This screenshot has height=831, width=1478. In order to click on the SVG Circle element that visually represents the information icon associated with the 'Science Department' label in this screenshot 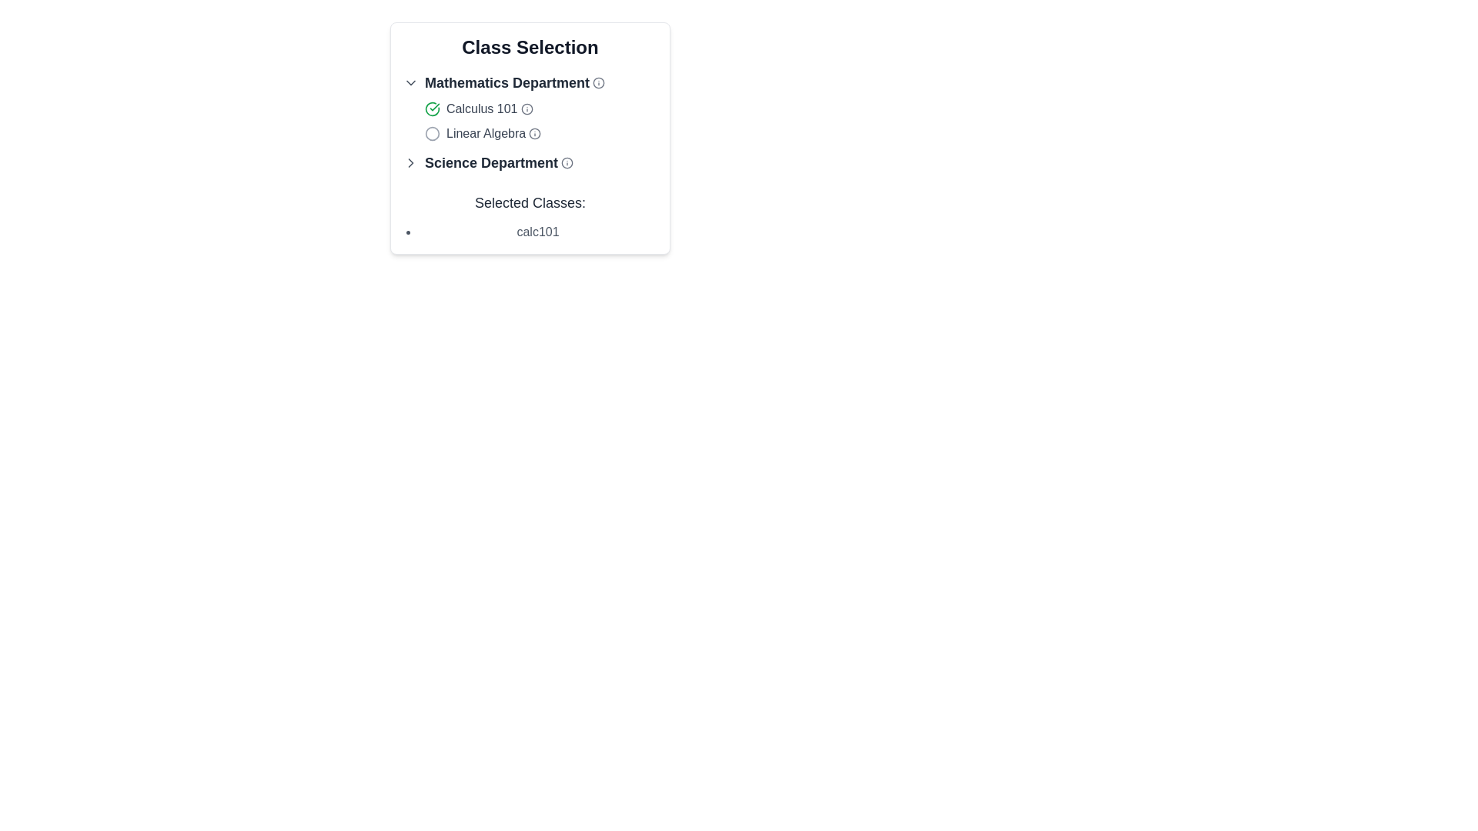, I will do `click(567, 163)`.